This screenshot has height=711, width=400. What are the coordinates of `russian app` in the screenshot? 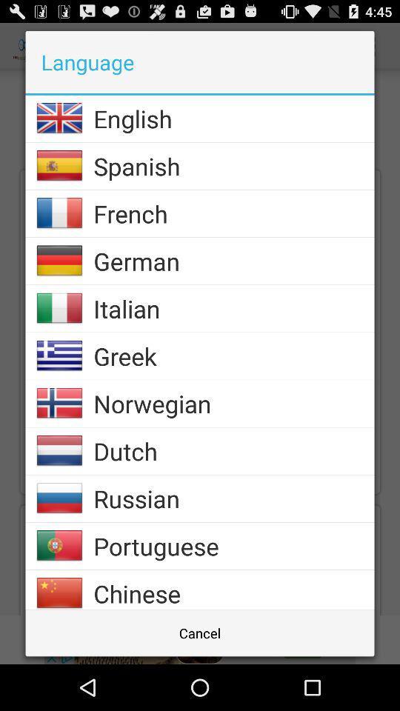 It's located at (233, 498).